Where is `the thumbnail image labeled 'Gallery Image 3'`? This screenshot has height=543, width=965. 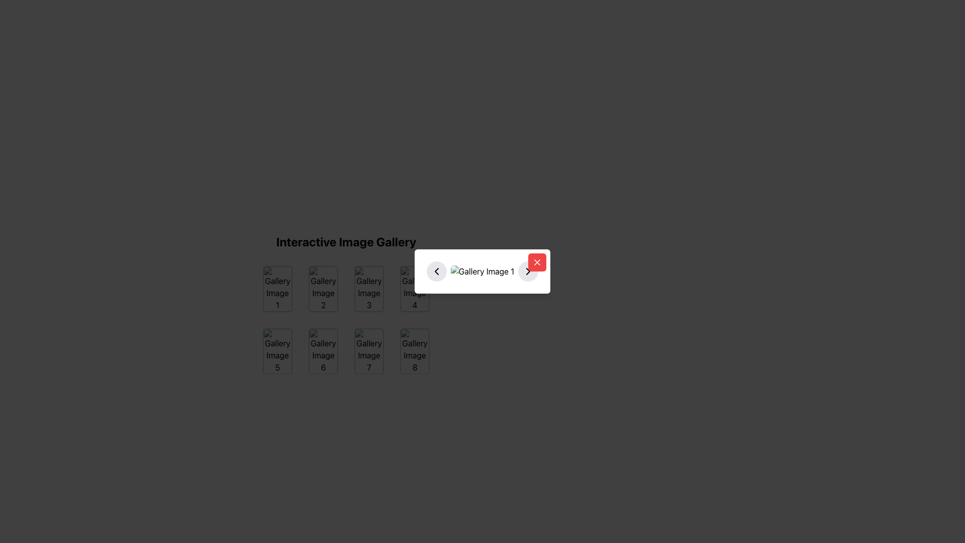
the thumbnail image labeled 'Gallery Image 3' is located at coordinates (368, 289).